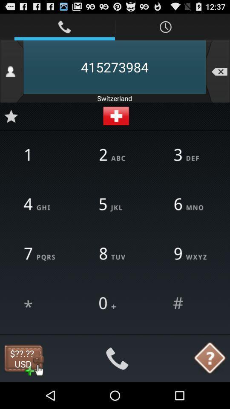 This screenshot has width=230, height=409. Describe the element at coordinates (40, 254) in the screenshot. I see `on the seventh number` at that location.